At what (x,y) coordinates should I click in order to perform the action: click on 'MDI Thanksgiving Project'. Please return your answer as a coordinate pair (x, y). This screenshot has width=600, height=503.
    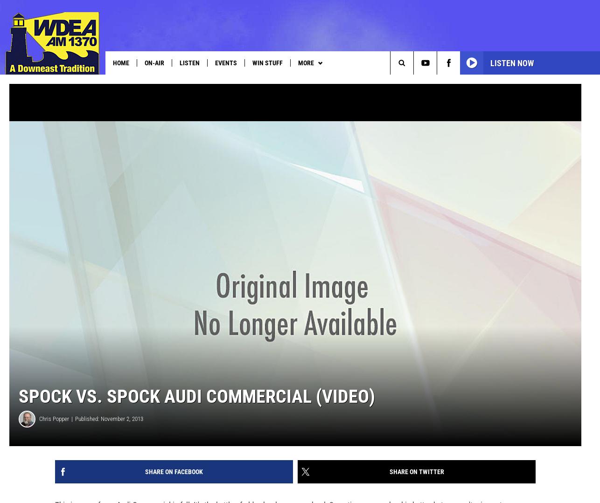
    Looking at the image, I should click on (91, 82).